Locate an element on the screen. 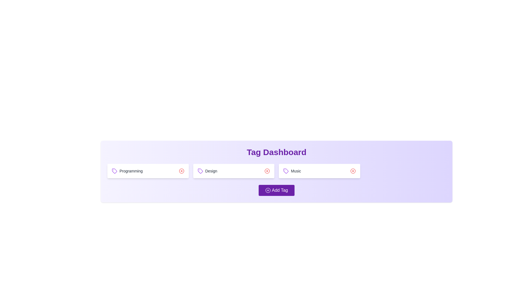  the graphical representation of the purple tag icon located in the 'Tag Dashboard' section, positioned to the left of the text 'Design' is located at coordinates (286, 171).